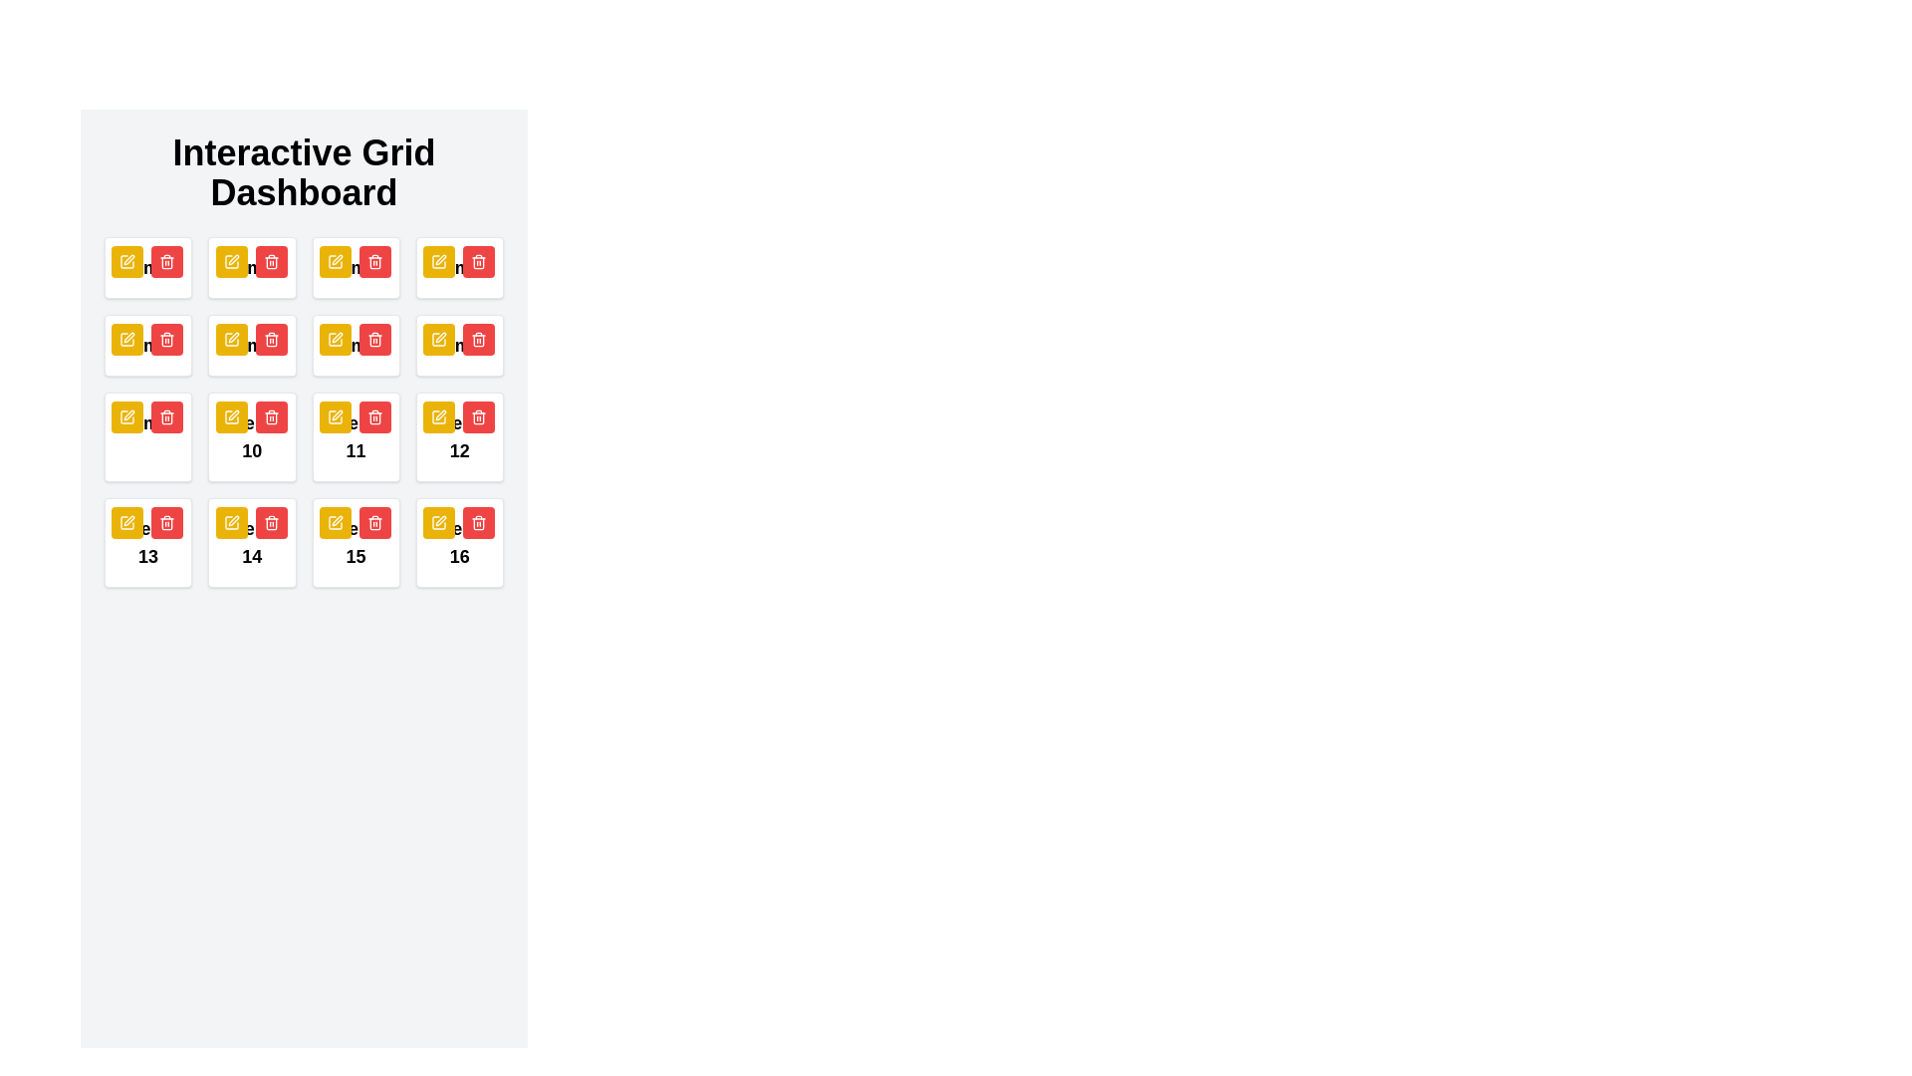 The width and height of the screenshot is (1912, 1076). Describe the element at coordinates (439, 259) in the screenshot. I see `the pen icon located in the top-right region of the grid layout, which is integrated within a product card and positioned above the delete button` at that location.